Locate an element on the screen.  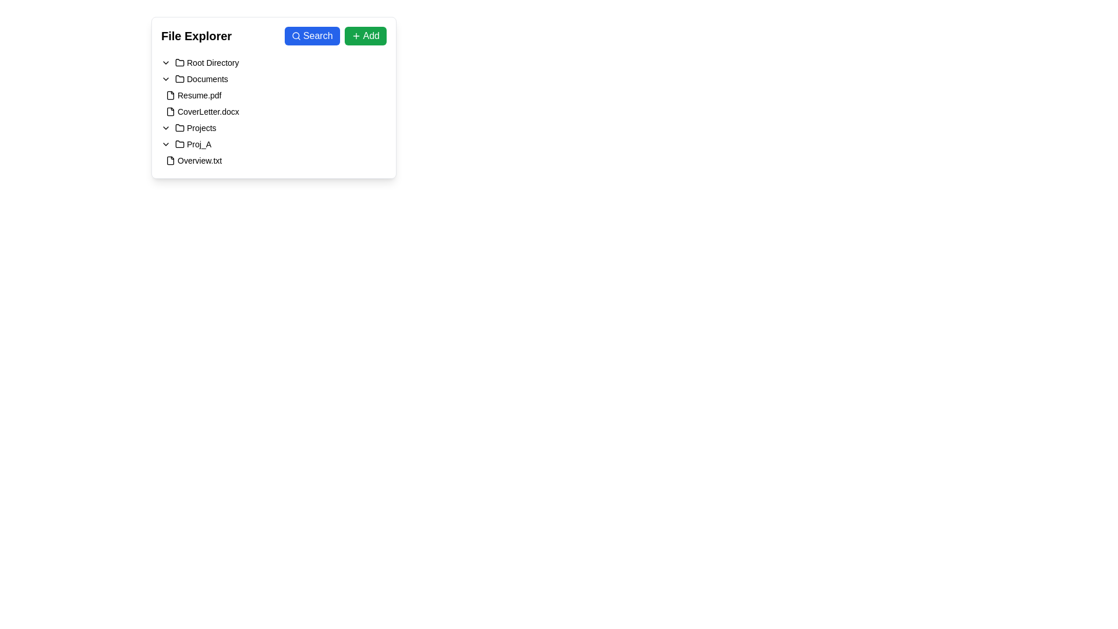
the first folder entry within the 'Projects' section of the file explorer is located at coordinates (273, 143).